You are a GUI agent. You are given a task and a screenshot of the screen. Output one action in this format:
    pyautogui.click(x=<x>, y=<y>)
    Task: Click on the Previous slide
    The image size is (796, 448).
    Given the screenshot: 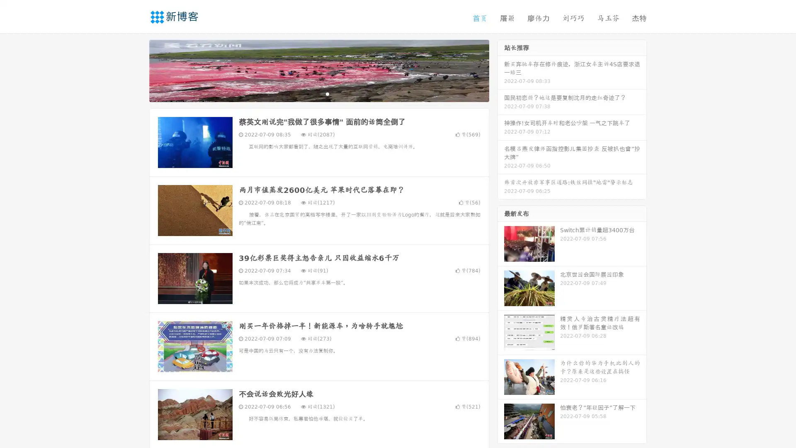 What is the action you would take?
    pyautogui.click(x=137, y=70)
    